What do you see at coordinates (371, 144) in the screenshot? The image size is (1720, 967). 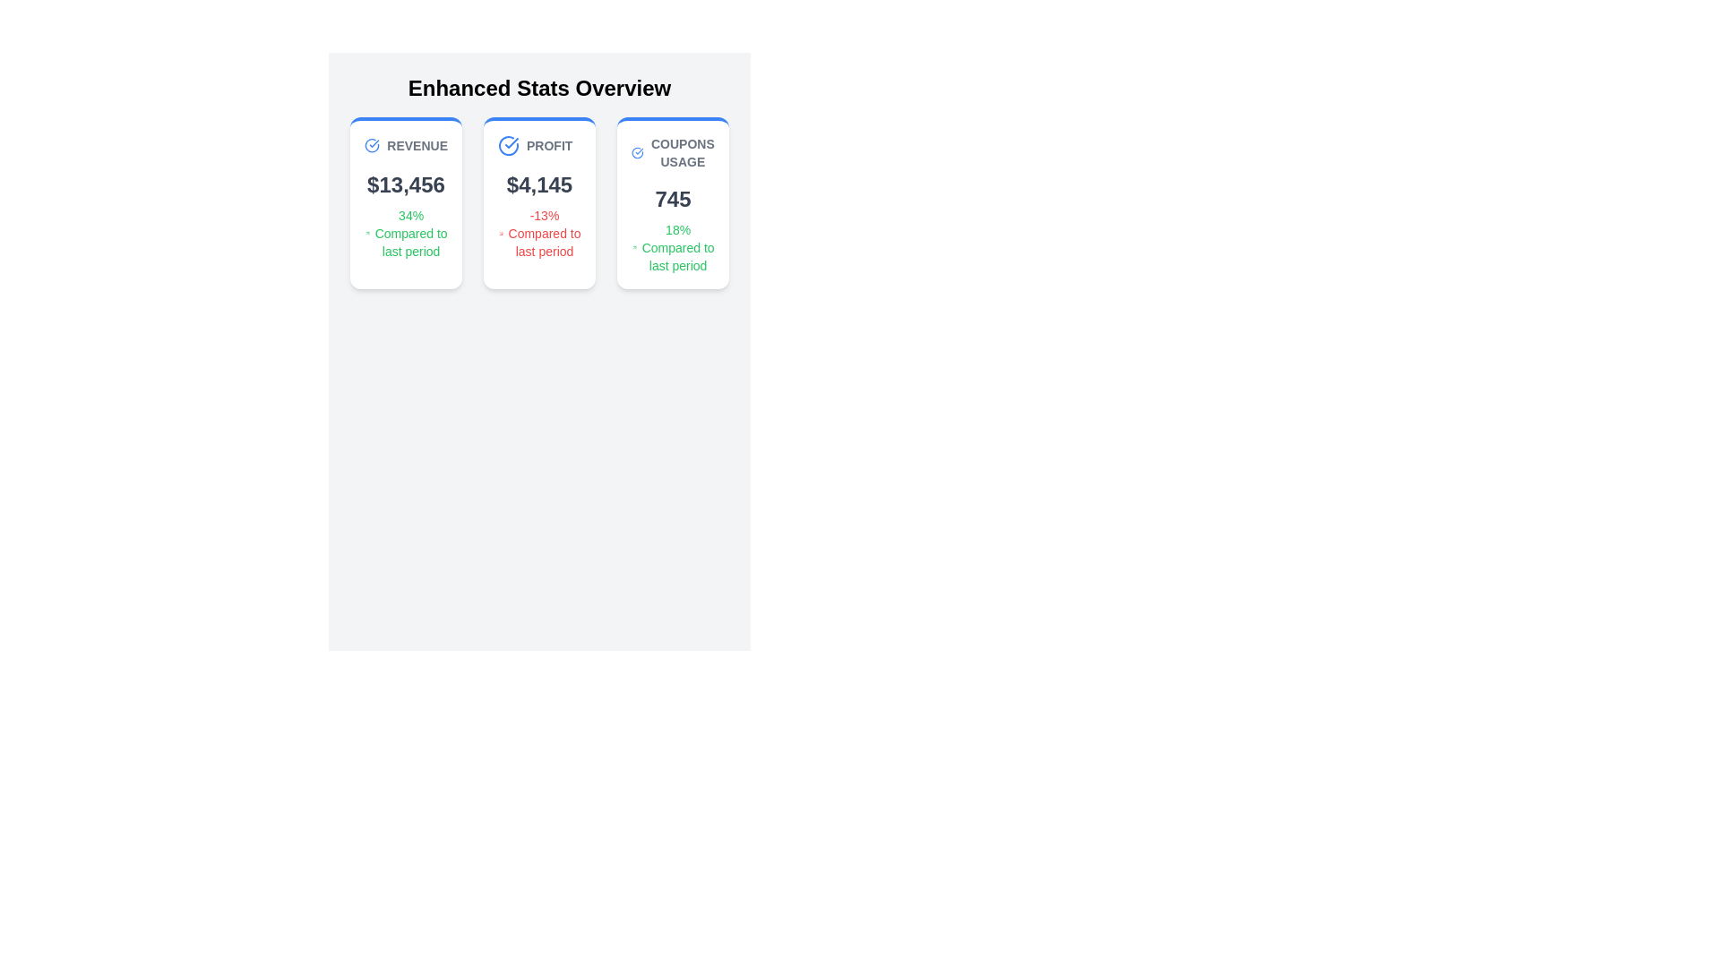 I see `the positive status icon located to the left of the 'Revenue' text in the 'Enhanced Stats Overview' section` at bounding box center [371, 144].